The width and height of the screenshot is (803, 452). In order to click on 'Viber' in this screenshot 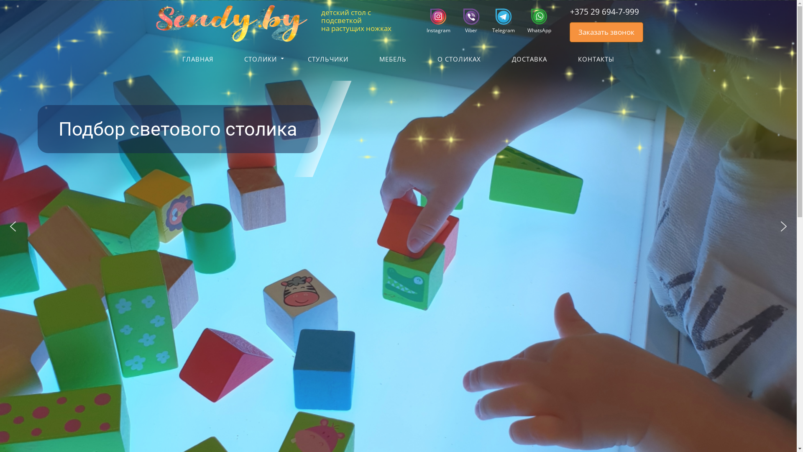, I will do `click(467, 21)`.